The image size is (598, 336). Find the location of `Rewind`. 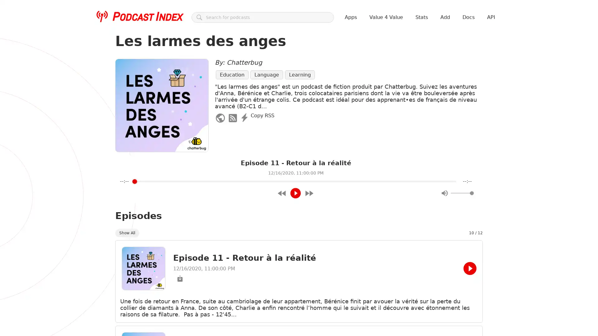

Rewind is located at coordinates (282, 193).